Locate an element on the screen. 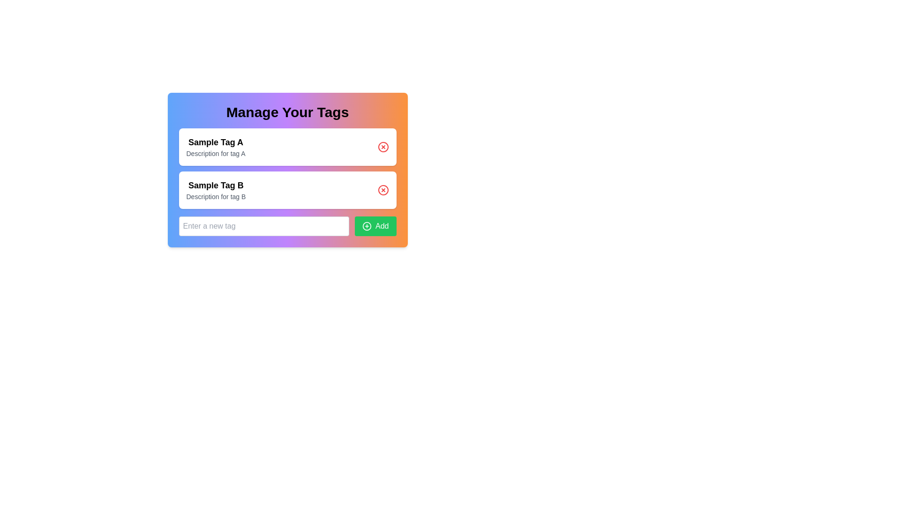 Image resolution: width=900 pixels, height=506 pixels. the Text block labeled 'Sample Tag A' which includes its description, as it is the first entry in the list under 'Manage Your Tags' is located at coordinates (215, 147).